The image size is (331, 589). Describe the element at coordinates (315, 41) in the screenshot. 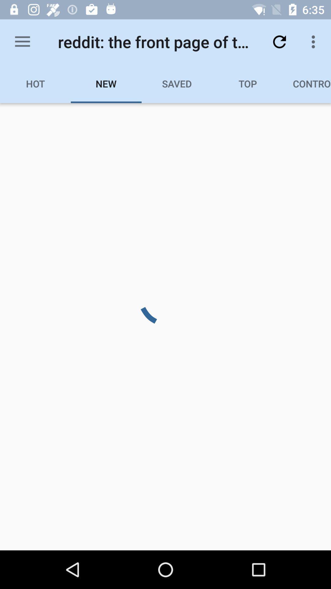

I see `icon above controversial item` at that location.